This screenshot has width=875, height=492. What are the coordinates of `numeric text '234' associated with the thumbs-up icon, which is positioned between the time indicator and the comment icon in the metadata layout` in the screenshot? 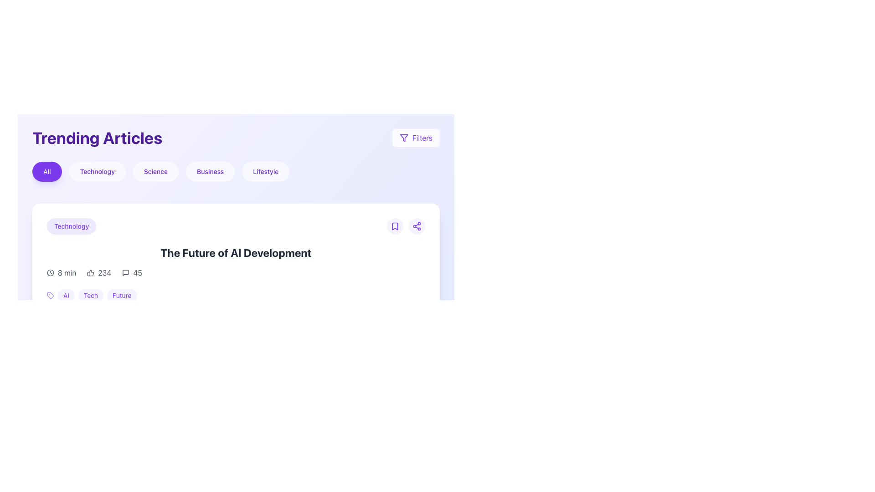 It's located at (99, 272).